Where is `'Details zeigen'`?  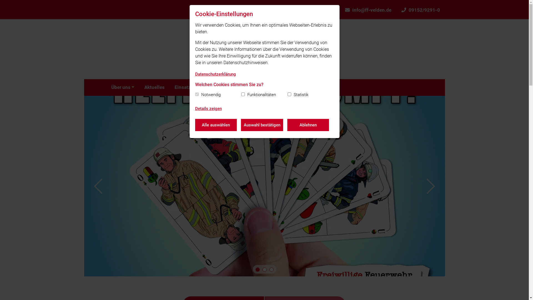 'Details zeigen' is located at coordinates (208, 109).